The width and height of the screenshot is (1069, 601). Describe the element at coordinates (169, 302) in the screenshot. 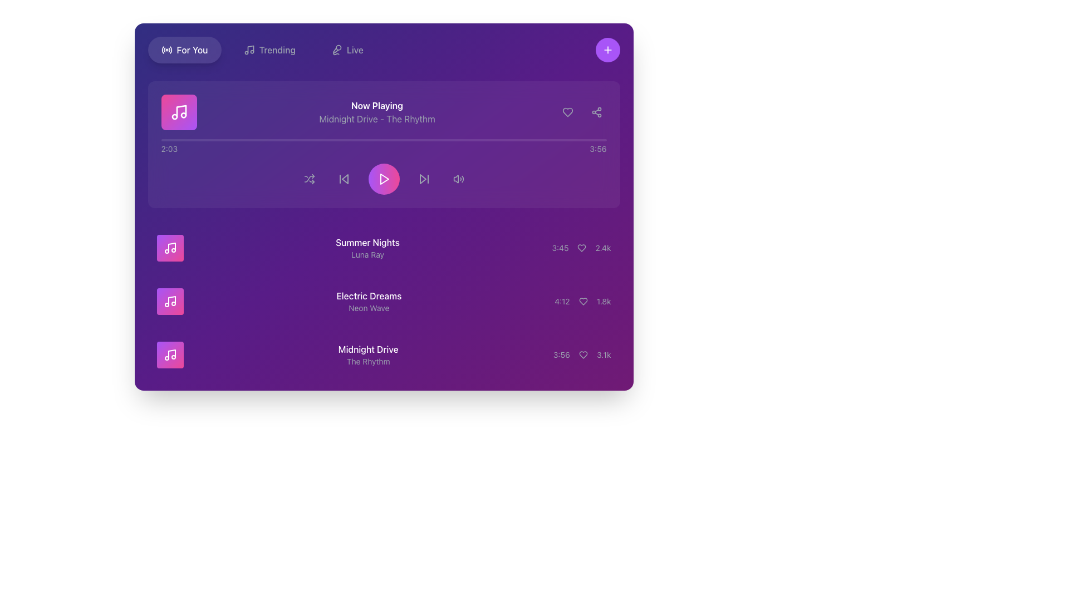

I see `the vibrant square icon with a gradient background and a white music note symbol, located to the left of the 'Electric Dreams' entry in the music track list interface` at that location.